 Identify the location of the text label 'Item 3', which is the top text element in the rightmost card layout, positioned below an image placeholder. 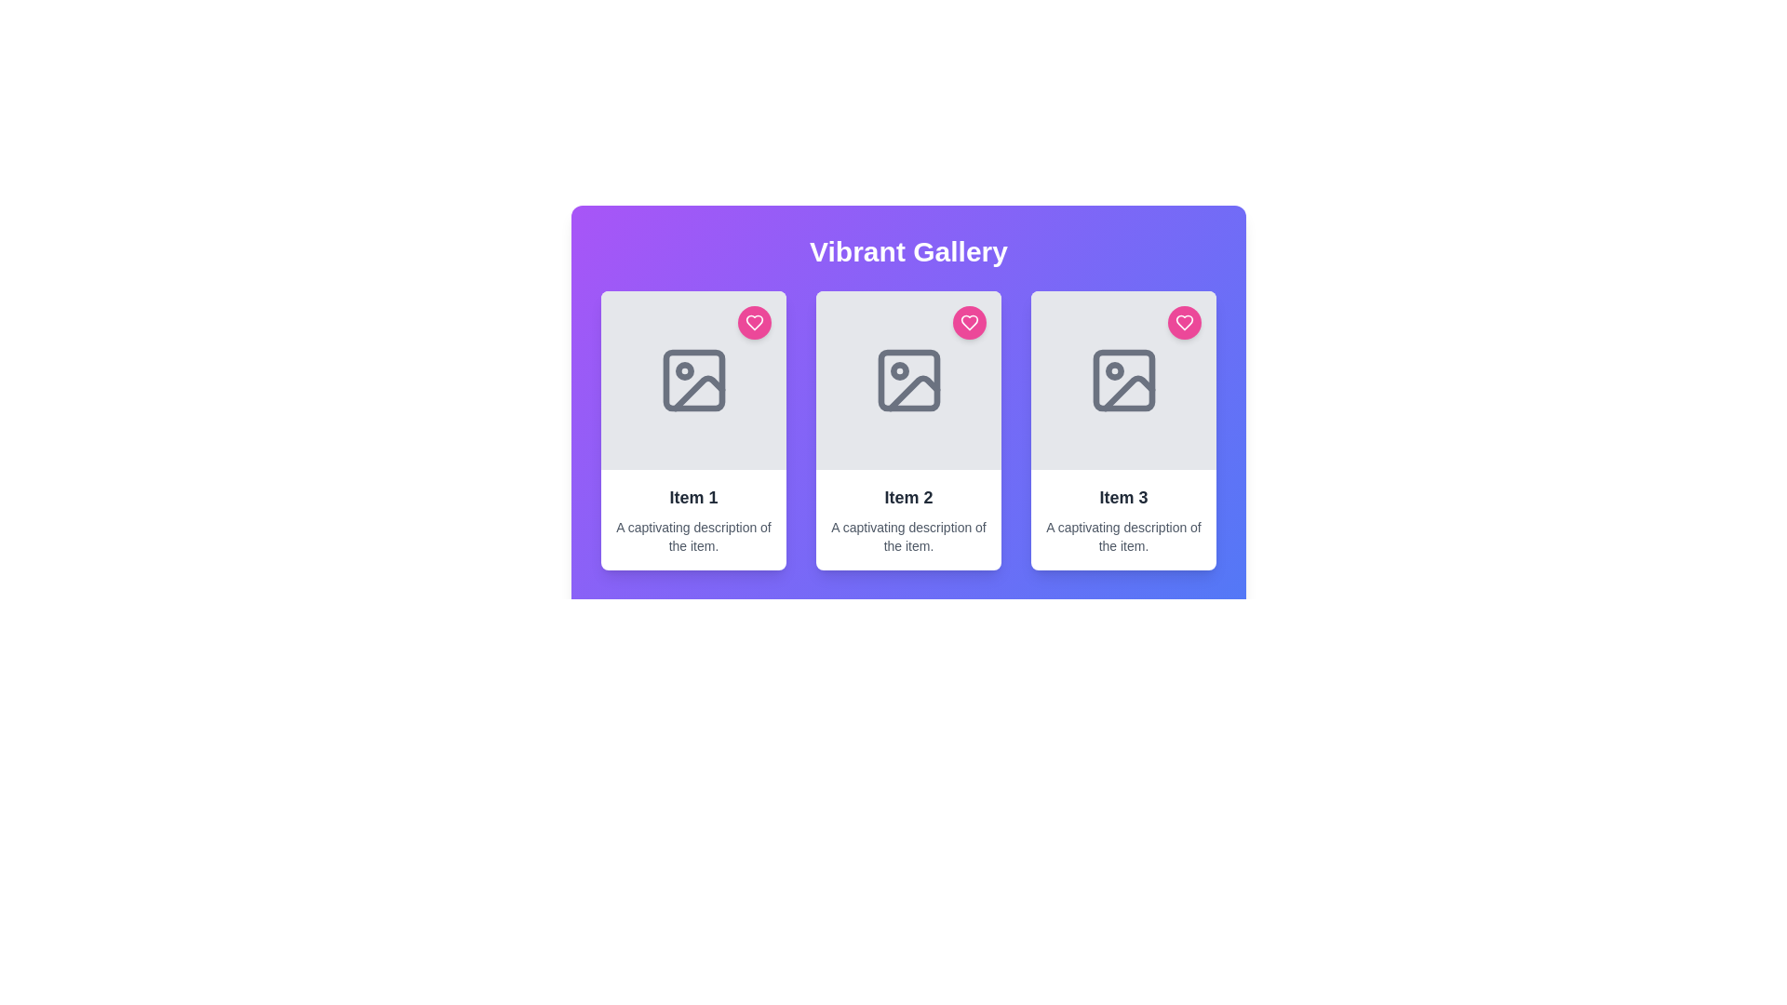
(1122, 497).